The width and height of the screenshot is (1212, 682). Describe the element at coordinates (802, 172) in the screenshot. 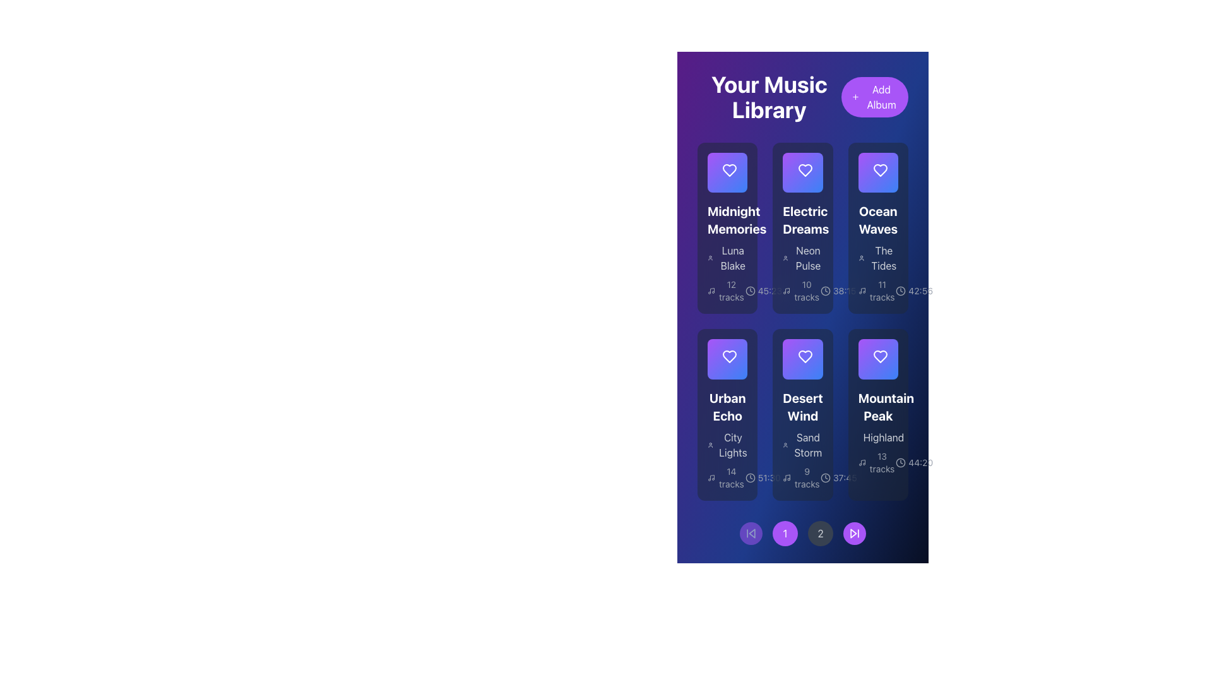

I see `the play button for the 'Electric Dreams' album located in the second column of the top row in the grid layout` at that location.